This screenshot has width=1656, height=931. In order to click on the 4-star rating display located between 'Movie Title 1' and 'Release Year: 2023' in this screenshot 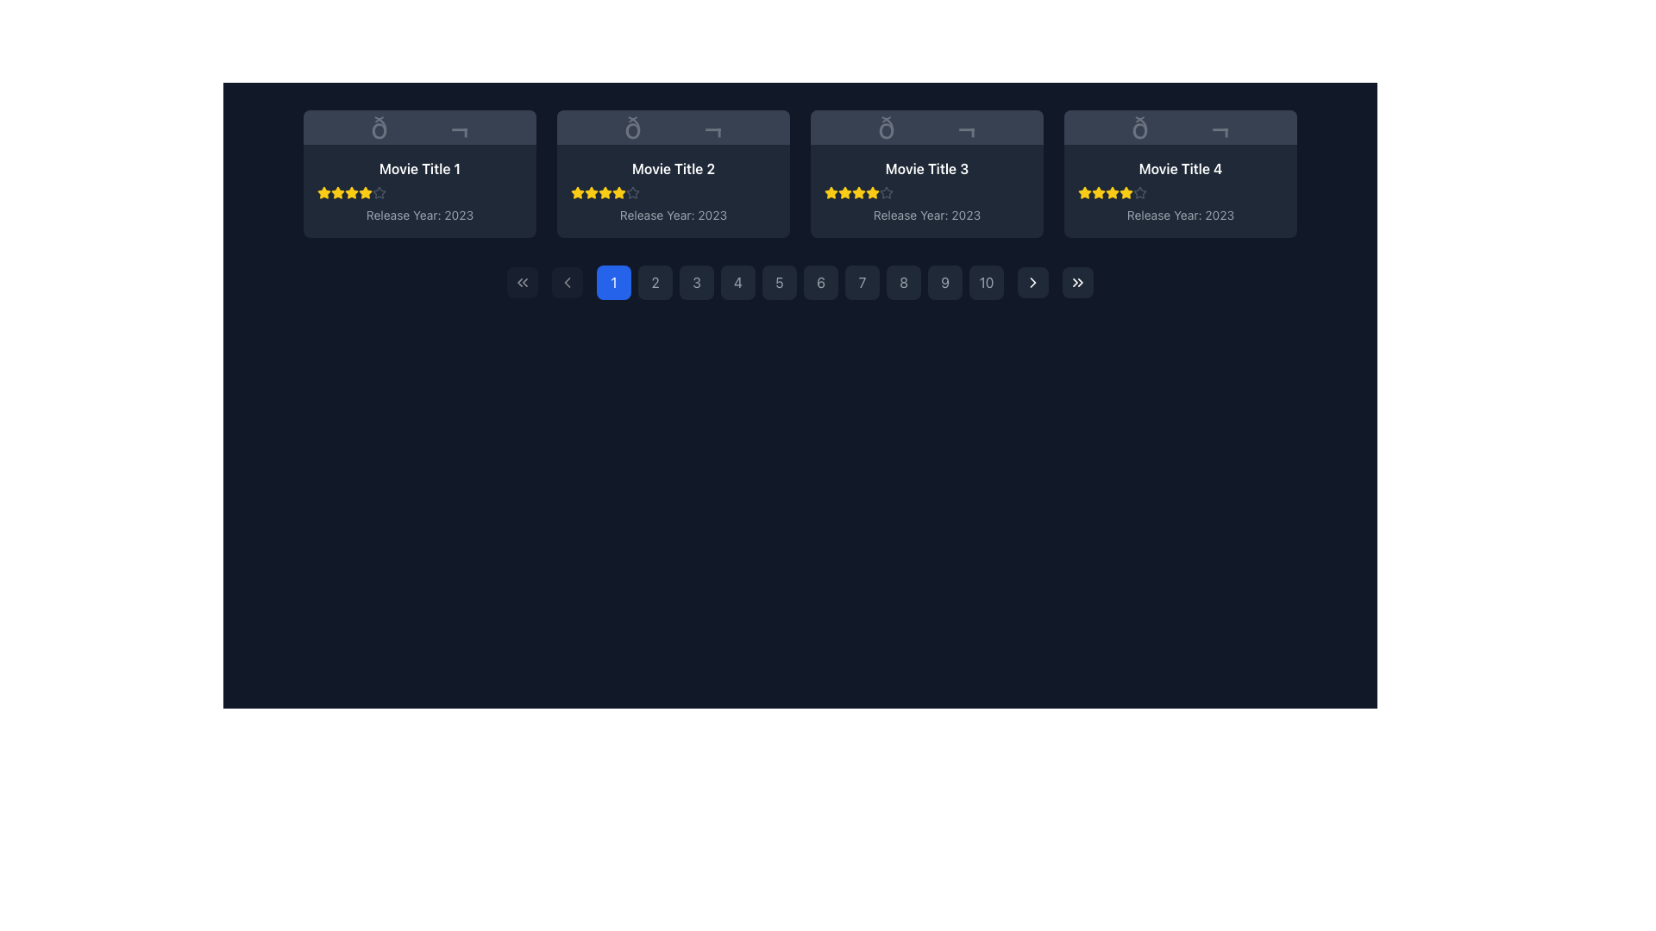, I will do `click(419, 192)`.